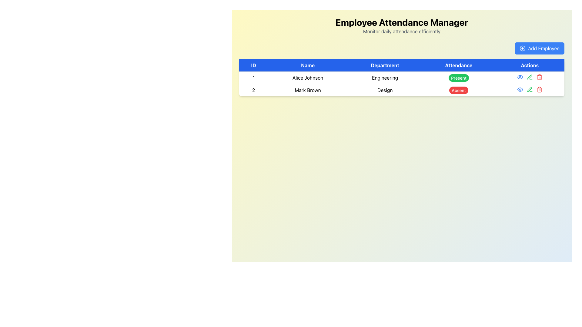 This screenshot has height=327, width=582. Describe the element at coordinates (520, 90) in the screenshot. I see `the 'View' icon button located in the 'Actions' column of the first row in the table` at that location.